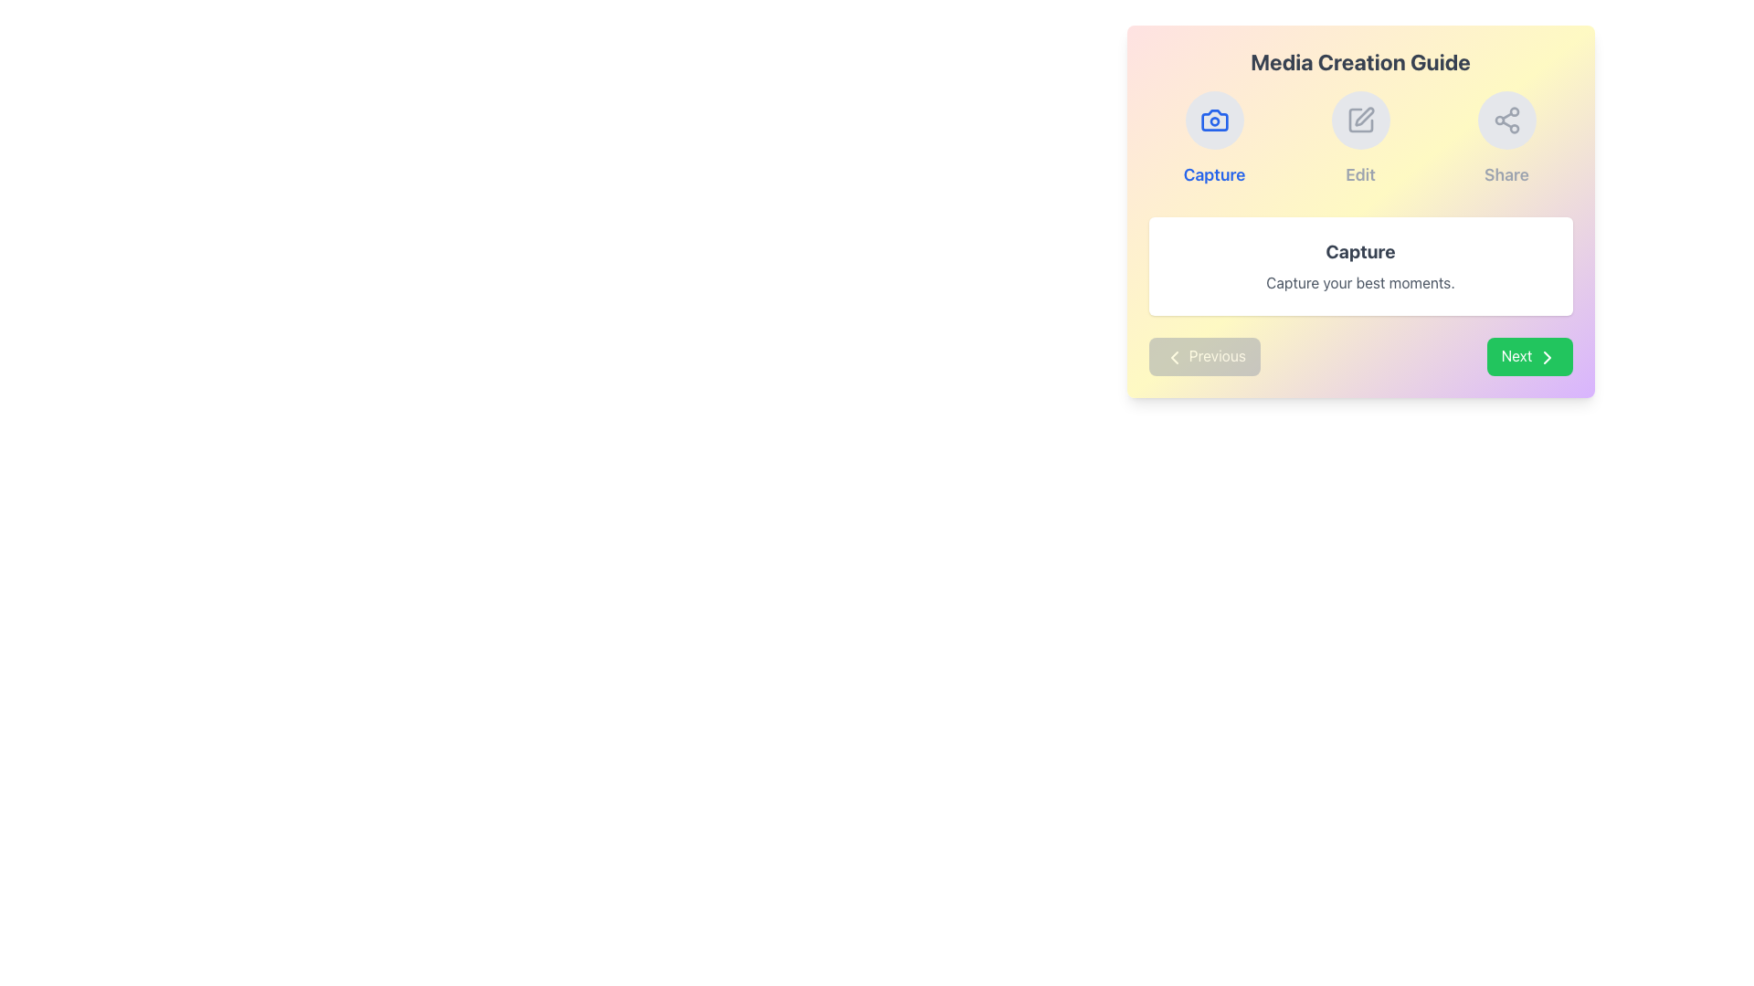 The image size is (1754, 986). What do you see at coordinates (1174, 357) in the screenshot?
I see `the leftward chevron icon within the 'Previous' button located in the bottom-left corner of the 'Media Creation Guide' modal` at bounding box center [1174, 357].